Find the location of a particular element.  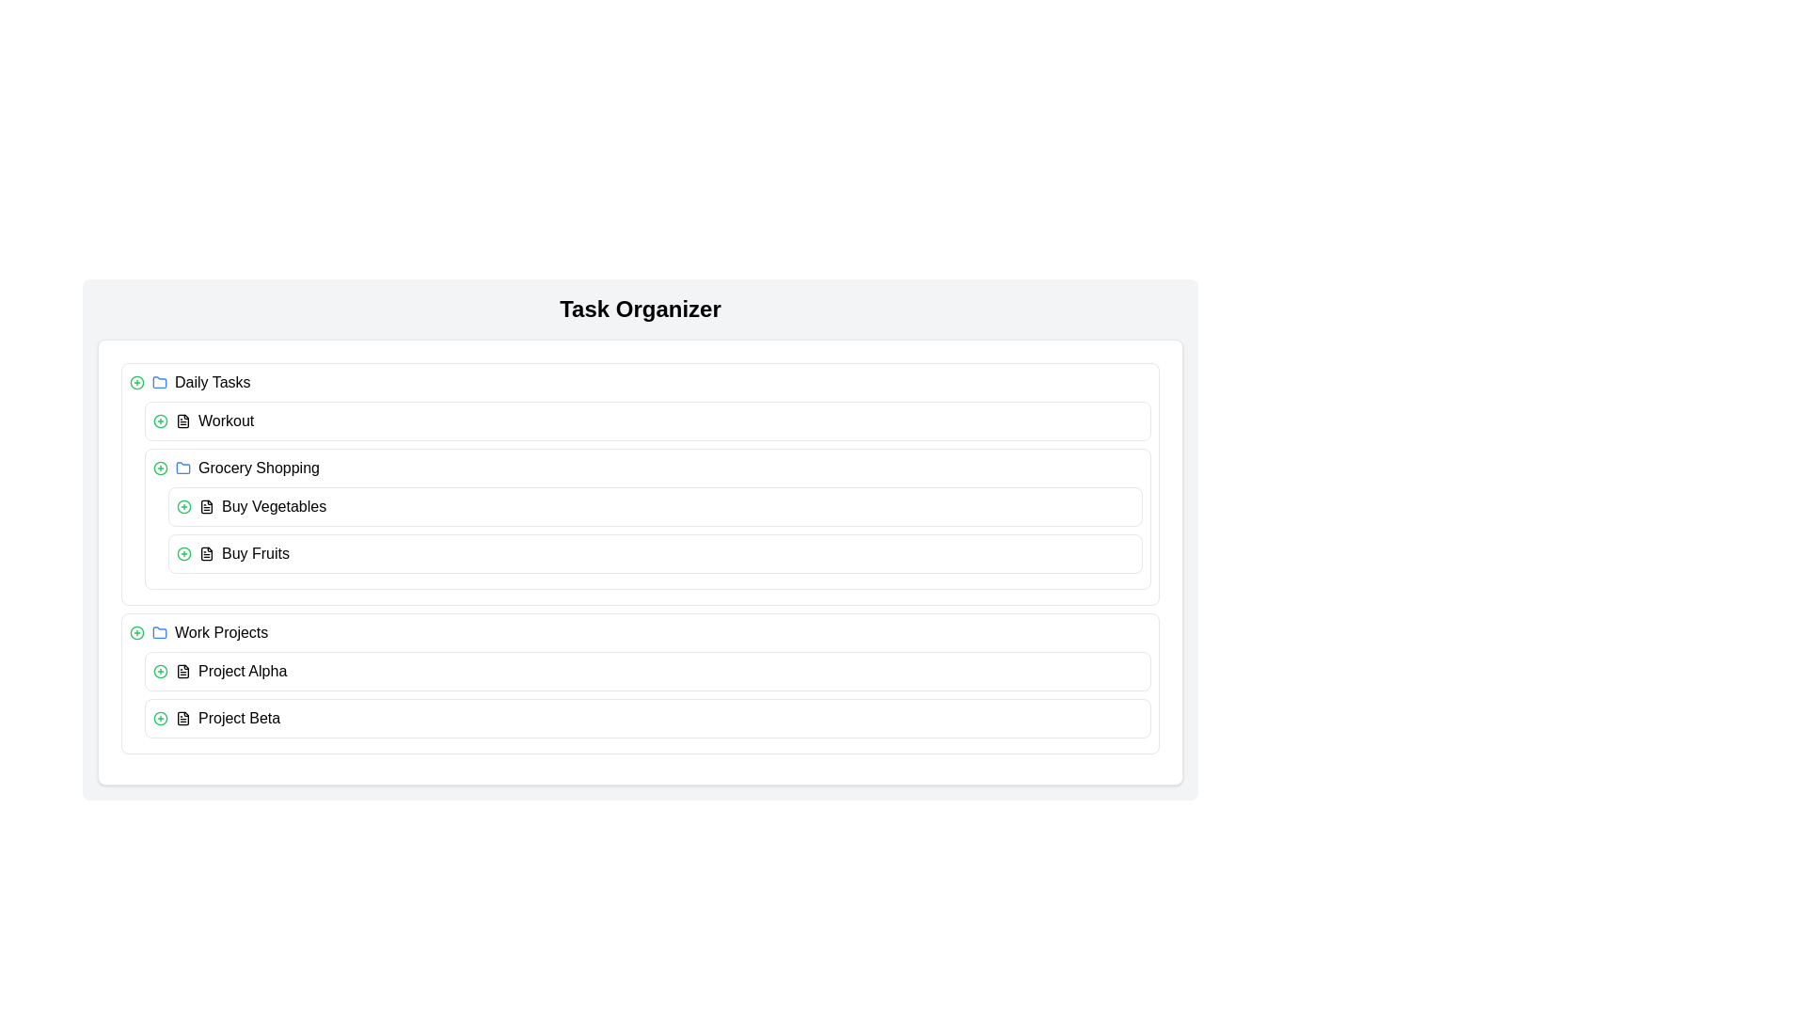

the 'Grocery Shopping' text label located in the 'Daily Tasks' section, positioned beneath 'Workout' and above 'Buy Vegetables' and 'Buy Fruits' is located at coordinates (258, 467).